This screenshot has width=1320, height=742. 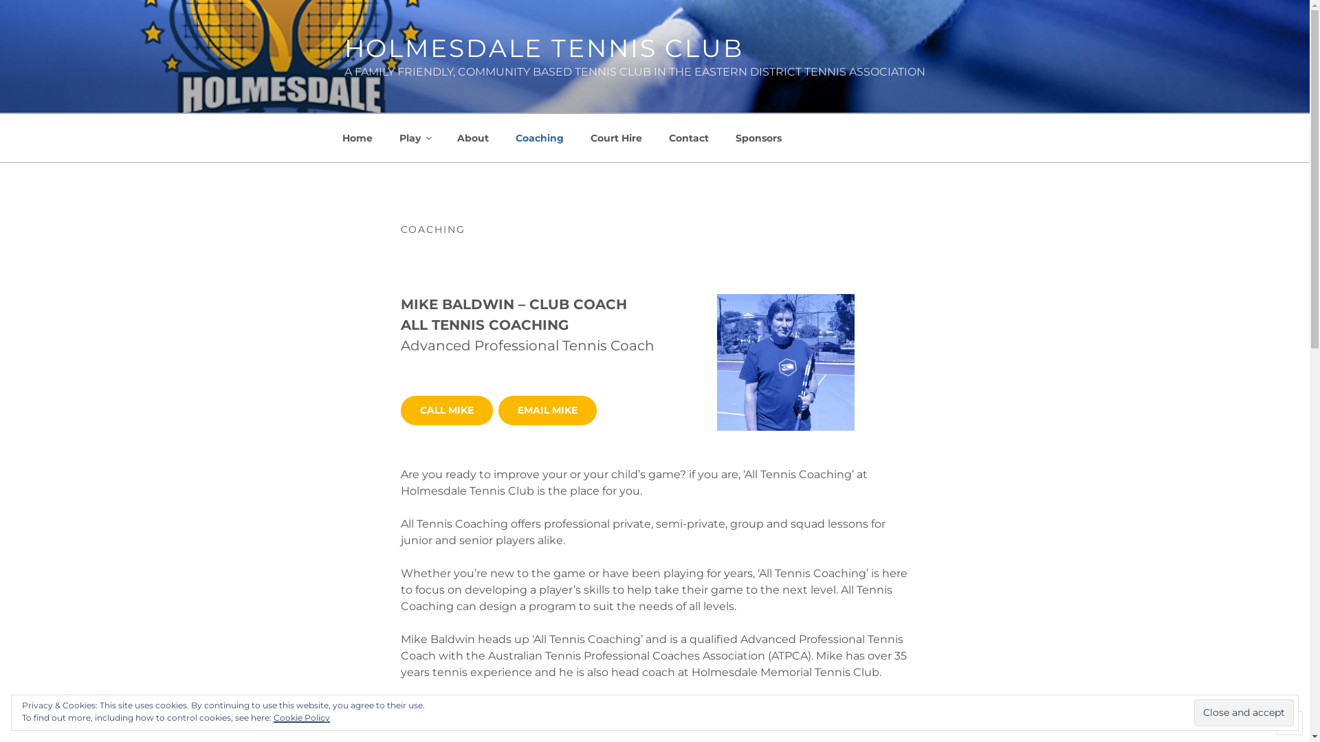 I want to click on 'Coaching', so click(x=502, y=137).